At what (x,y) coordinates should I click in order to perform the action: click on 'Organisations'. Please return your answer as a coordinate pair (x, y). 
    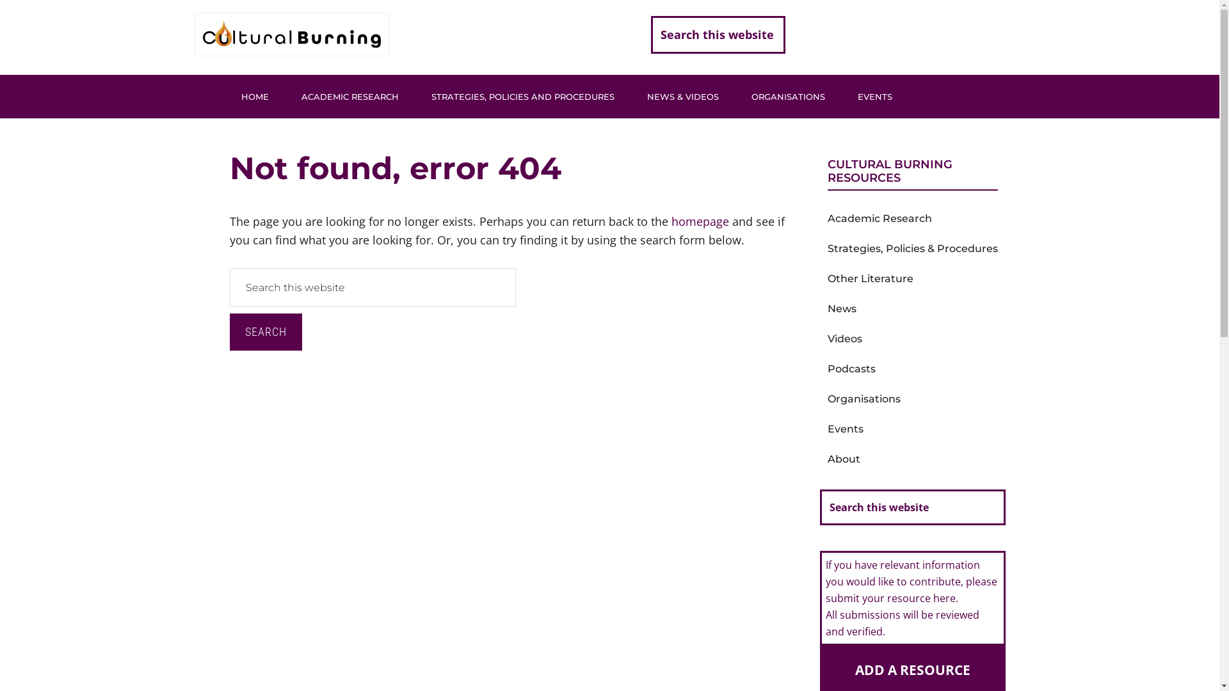
    Looking at the image, I should click on (863, 398).